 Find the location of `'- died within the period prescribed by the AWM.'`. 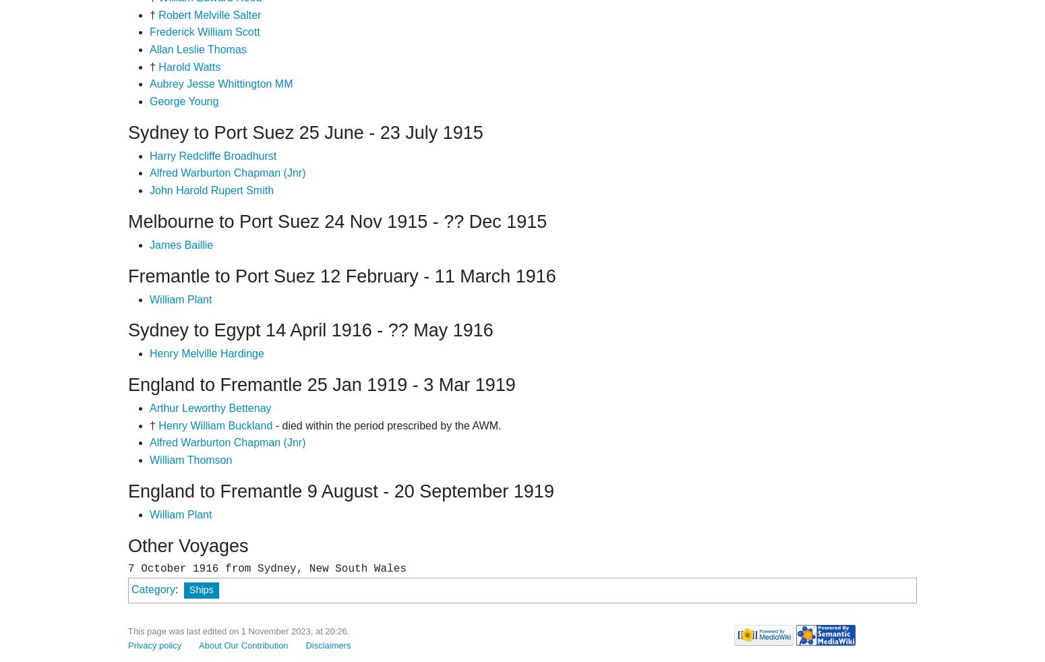

'- died within the period prescribed by the AWM.' is located at coordinates (272, 424).